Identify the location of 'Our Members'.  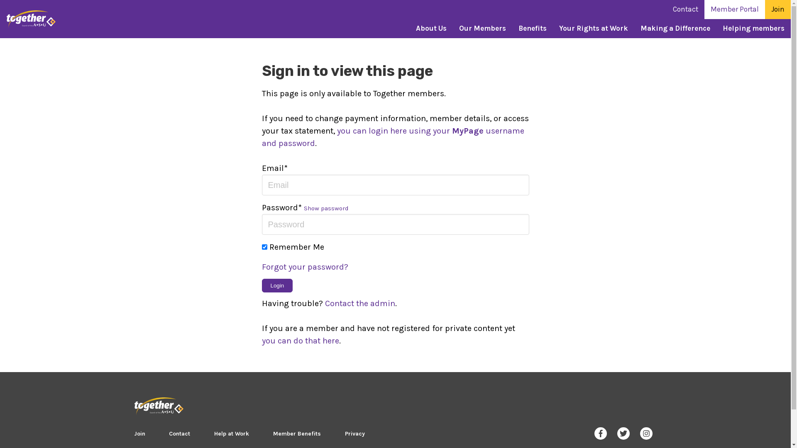
(482, 28).